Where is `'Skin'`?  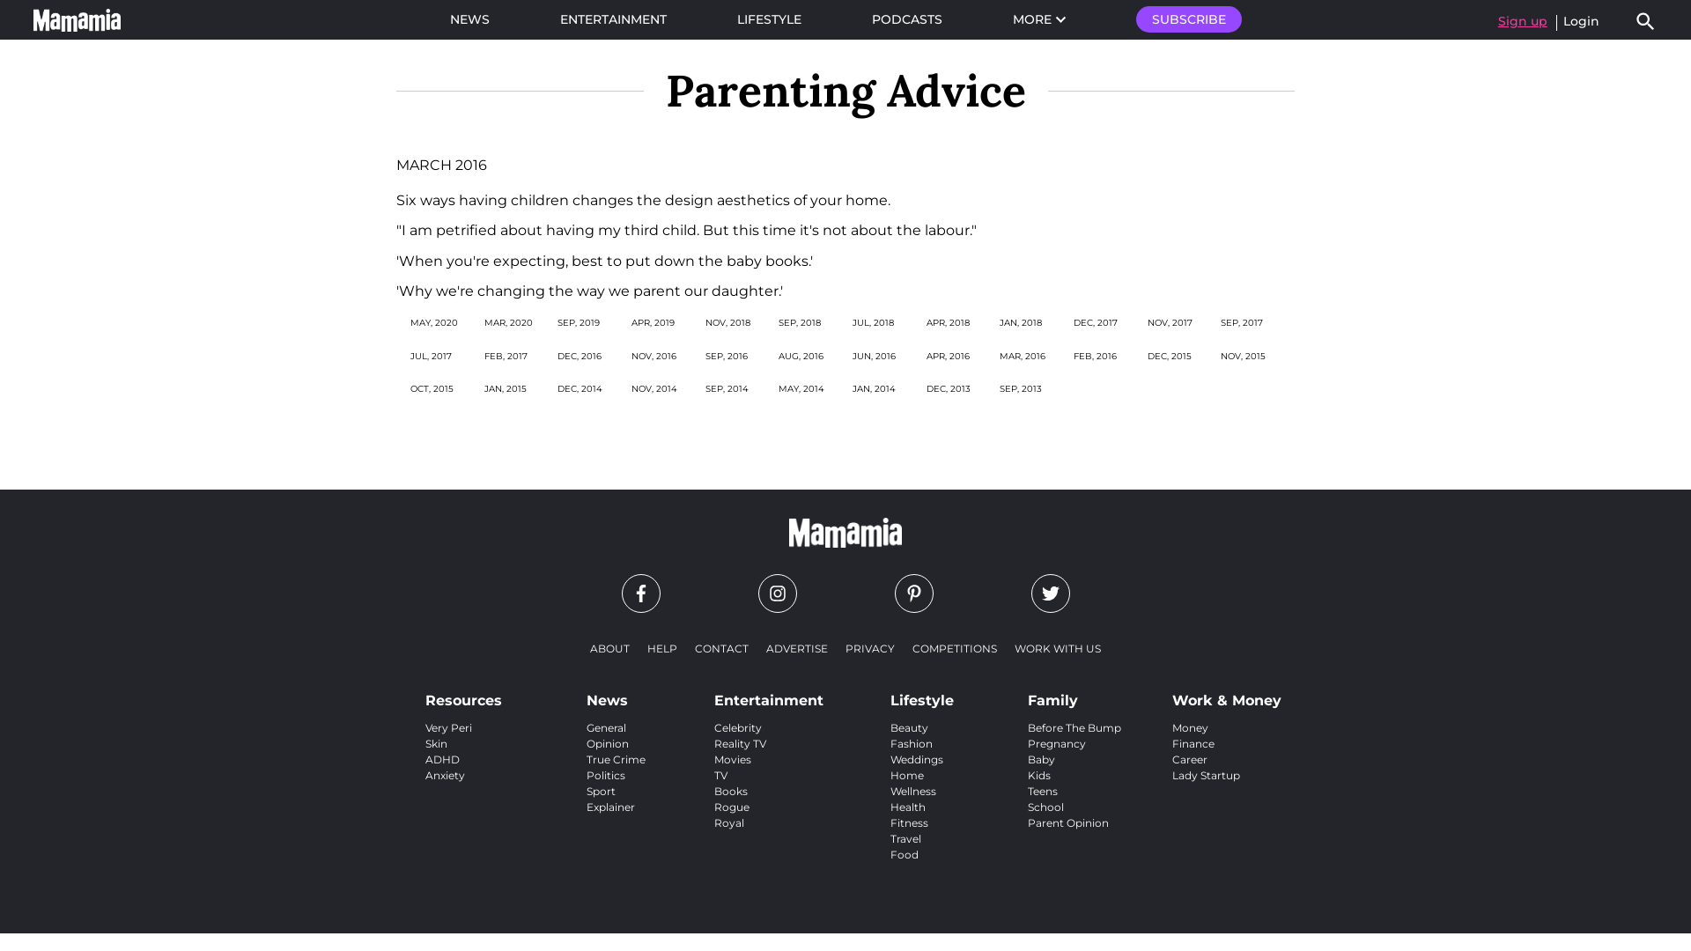
'Skin' is located at coordinates (436, 743).